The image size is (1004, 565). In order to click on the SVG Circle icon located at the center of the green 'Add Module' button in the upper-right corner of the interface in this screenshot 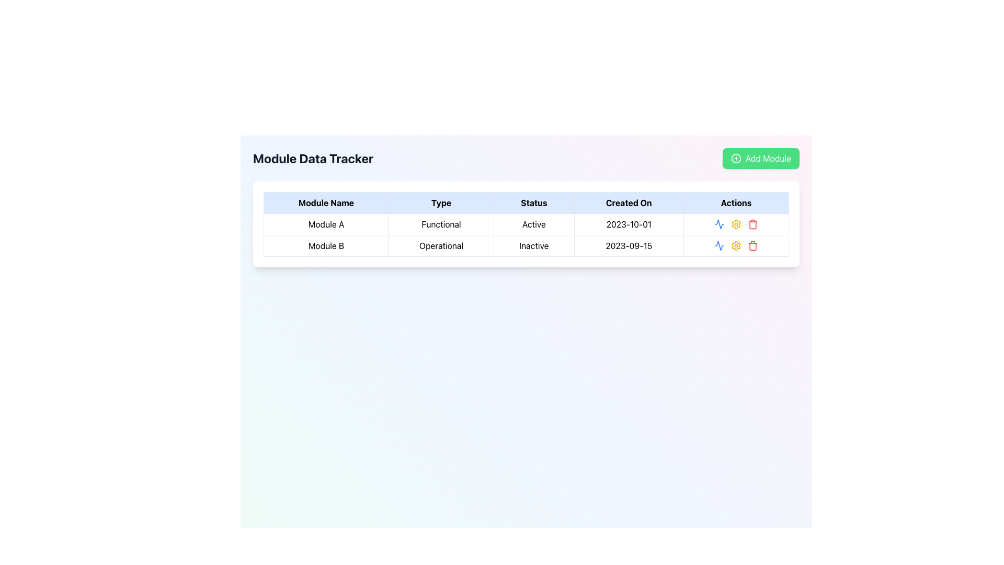, I will do `click(735, 159)`.